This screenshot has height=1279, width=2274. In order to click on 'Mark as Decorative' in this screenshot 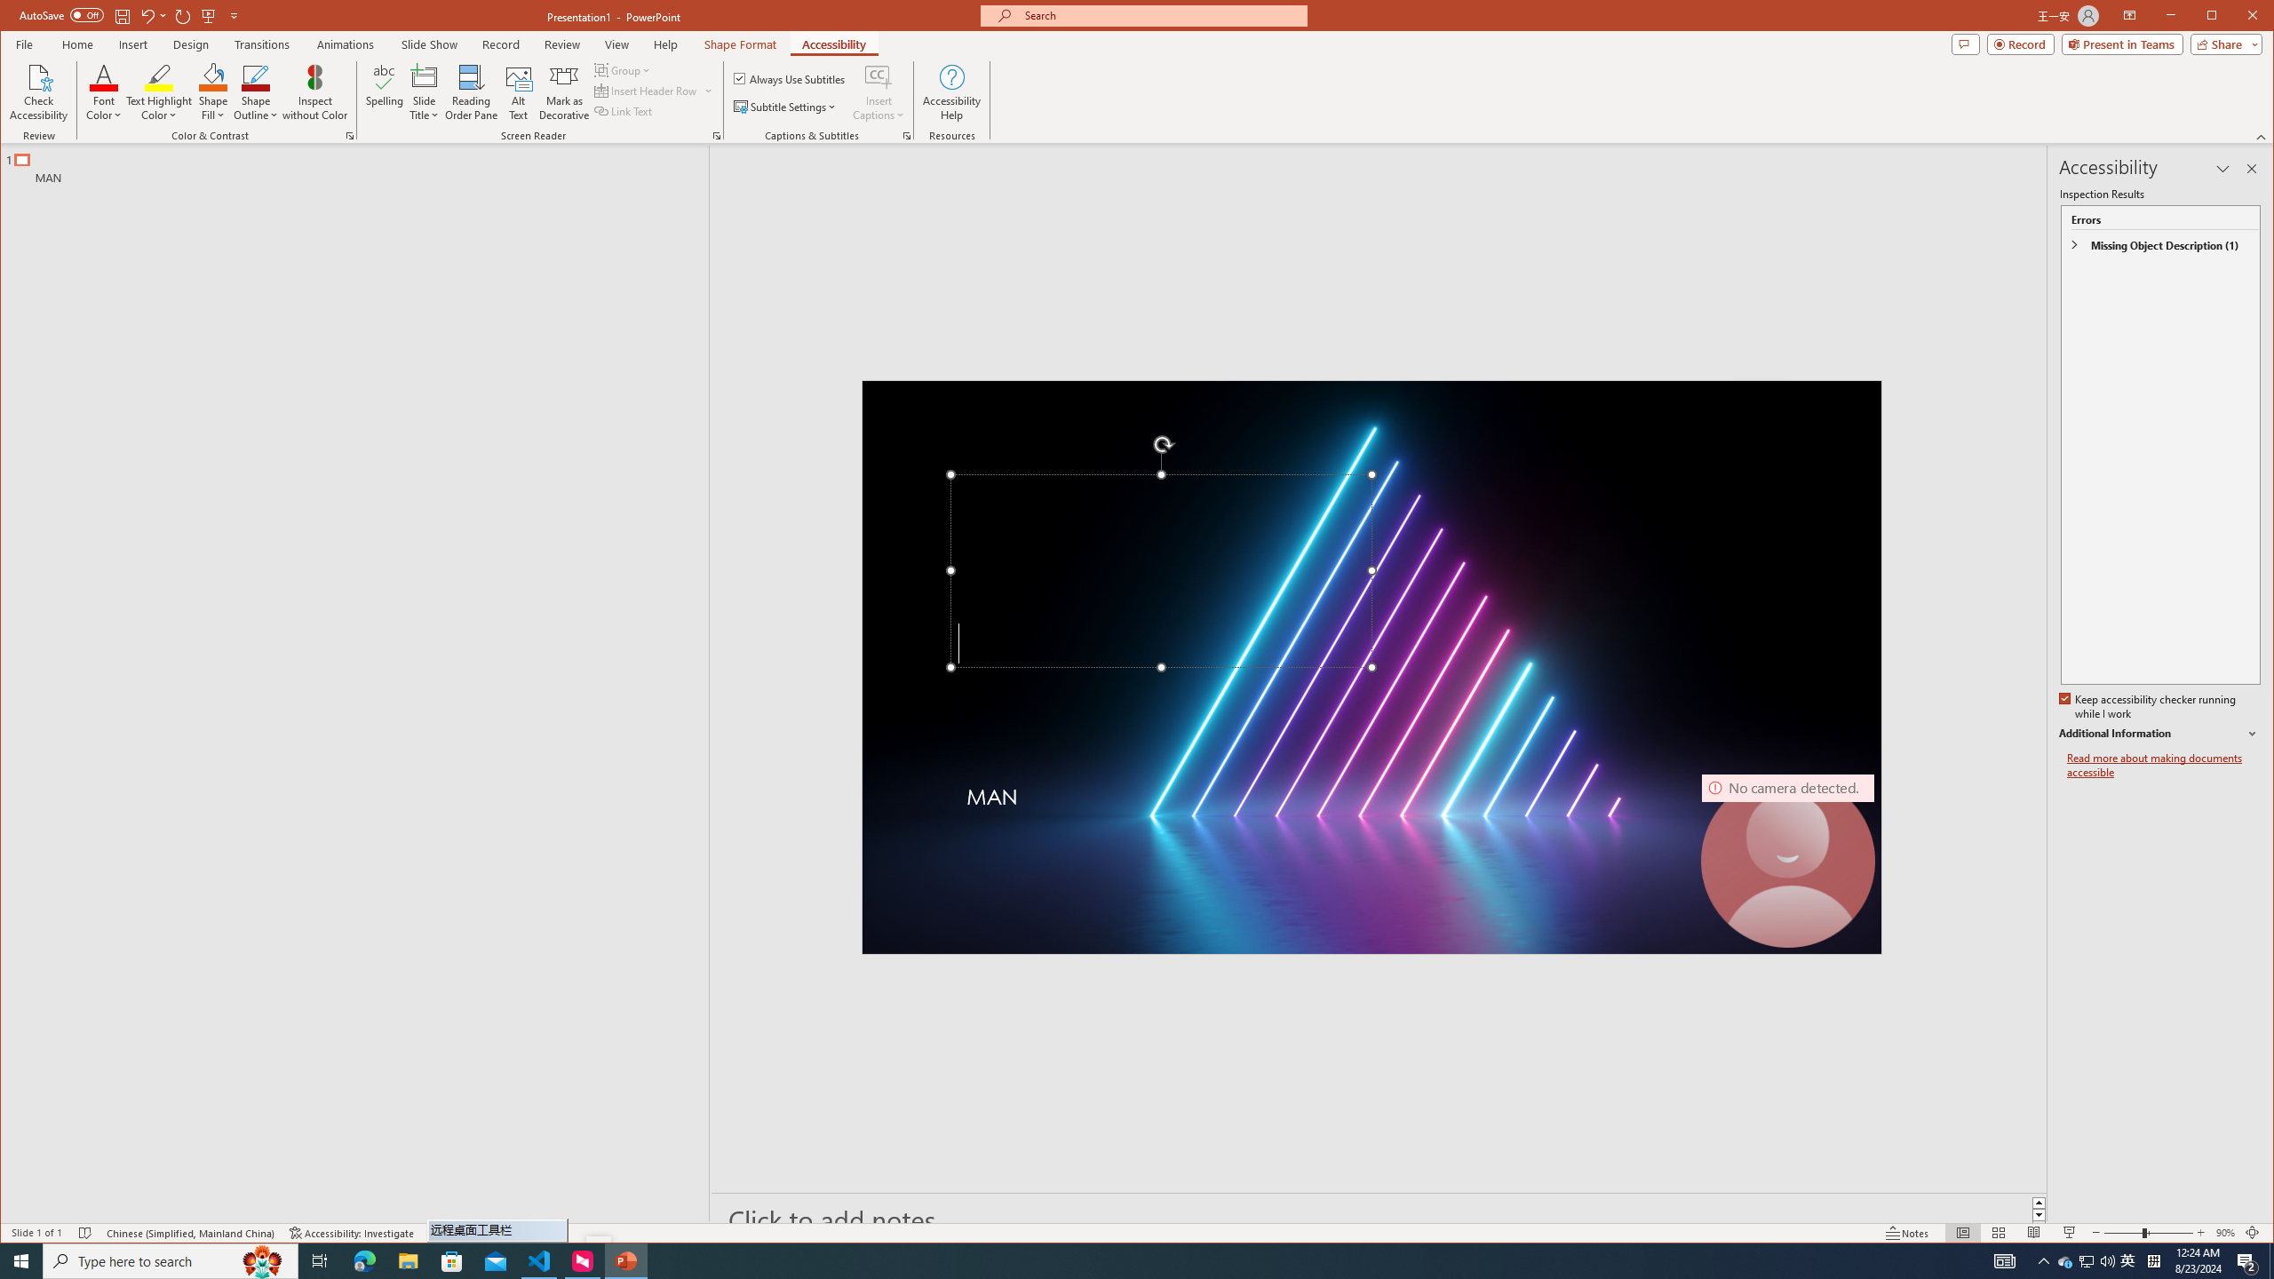, I will do `click(562, 91)`.